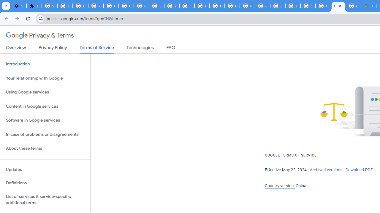 This screenshot has height=213, width=380. Describe the element at coordinates (65, 6) in the screenshot. I see `'Delete photos & videos - Computer - Google Photos Help'` at that location.